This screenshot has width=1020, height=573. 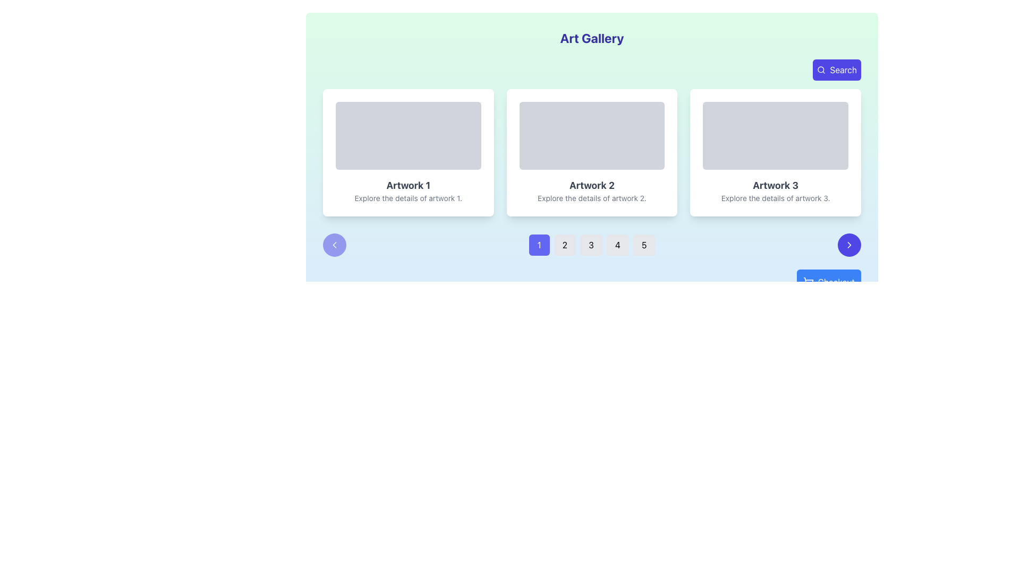 What do you see at coordinates (334, 245) in the screenshot?
I see `the chevron icon located in the bottom left corner of the interface, adjacent to pagination controls` at bounding box center [334, 245].